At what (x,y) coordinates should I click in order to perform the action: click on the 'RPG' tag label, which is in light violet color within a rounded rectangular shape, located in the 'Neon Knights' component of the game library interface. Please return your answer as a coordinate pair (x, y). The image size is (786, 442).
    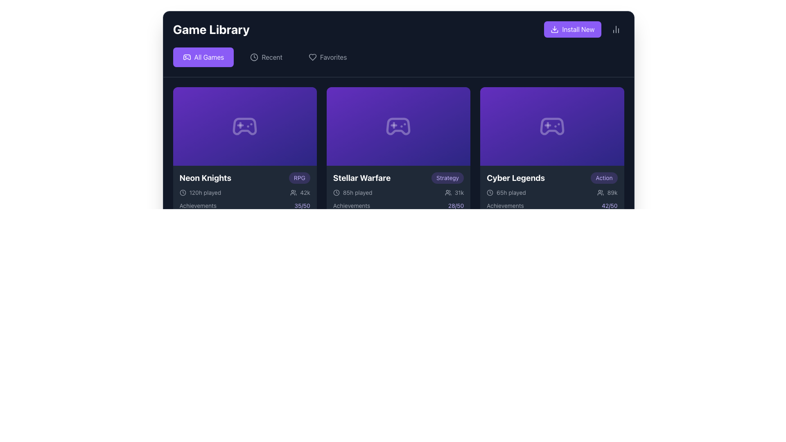
    Looking at the image, I should click on (299, 178).